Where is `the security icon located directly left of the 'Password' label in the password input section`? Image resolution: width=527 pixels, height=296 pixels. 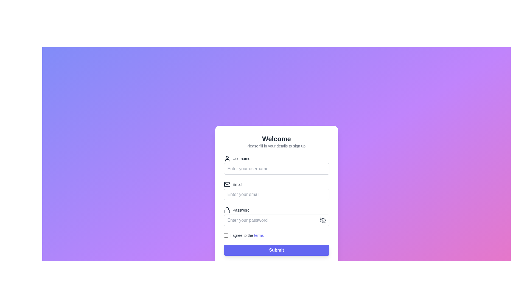
the security icon located directly left of the 'Password' label in the password input section is located at coordinates (227, 210).